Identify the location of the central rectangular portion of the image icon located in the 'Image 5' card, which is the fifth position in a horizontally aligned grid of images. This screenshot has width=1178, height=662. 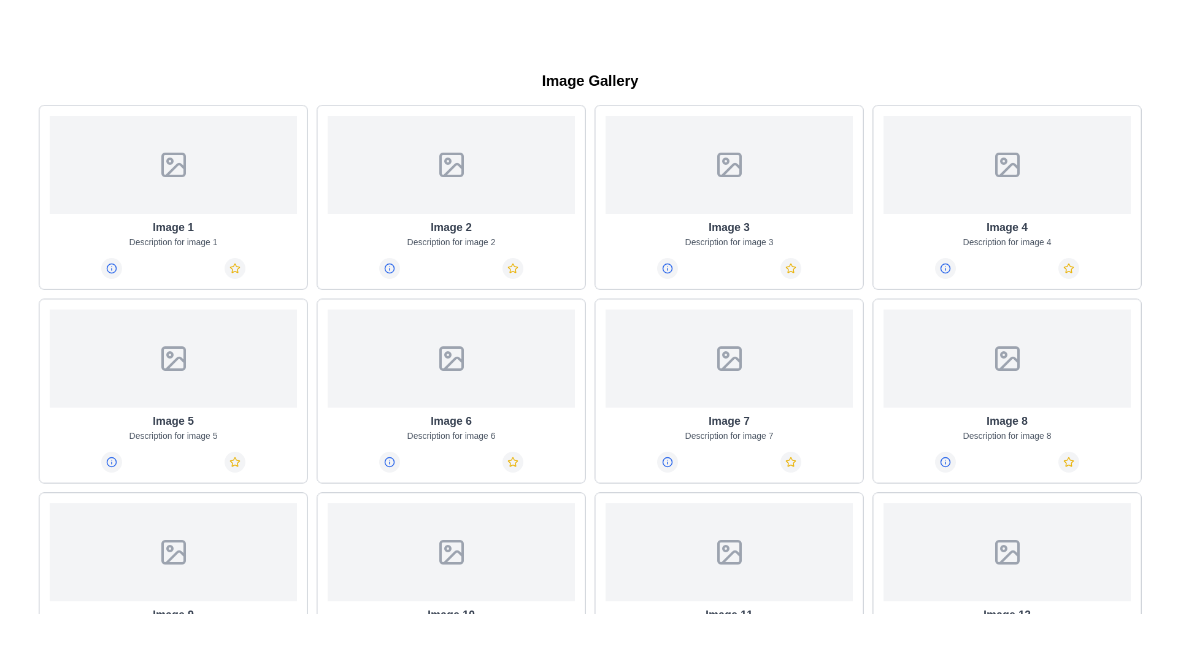
(172, 359).